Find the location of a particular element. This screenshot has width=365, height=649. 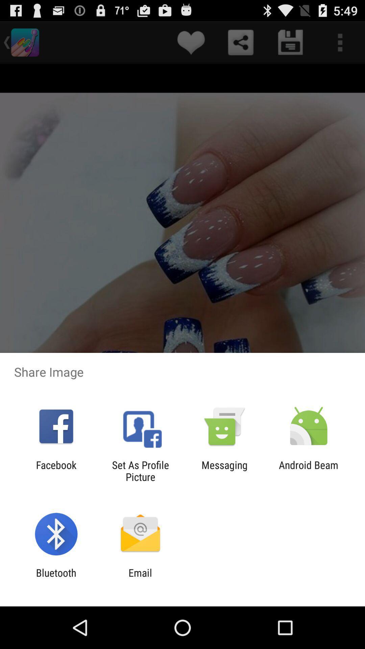

the item to the right of messaging is located at coordinates (309, 471).